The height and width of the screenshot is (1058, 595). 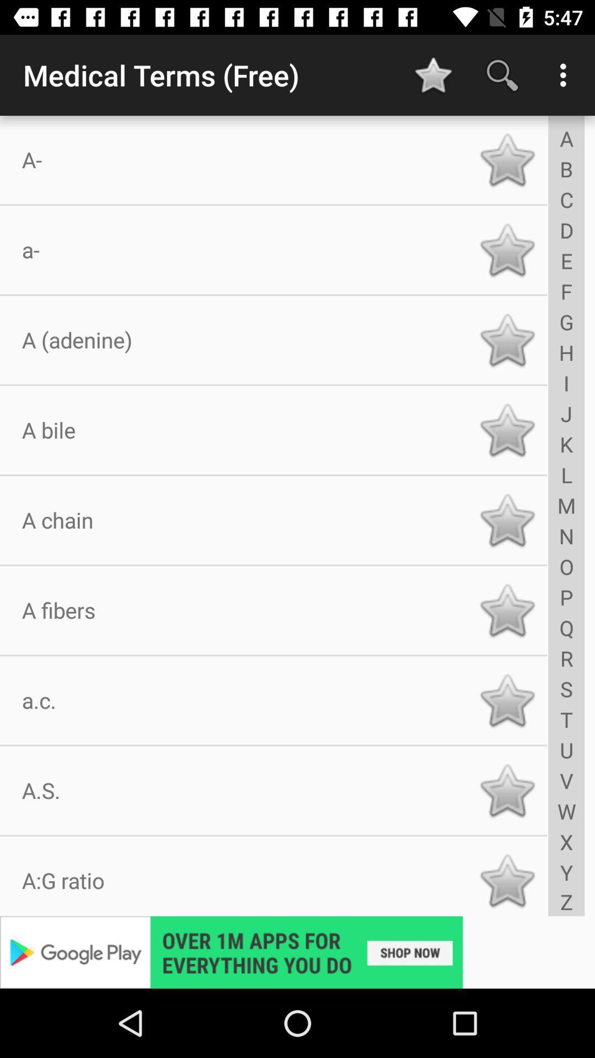 I want to click on advert, so click(x=297, y=952).